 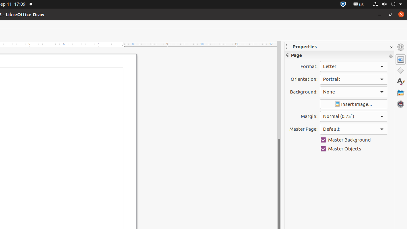 What do you see at coordinates (353, 92) in the screenshot?
I see `'Background:'` at bounding box center [353, 92].